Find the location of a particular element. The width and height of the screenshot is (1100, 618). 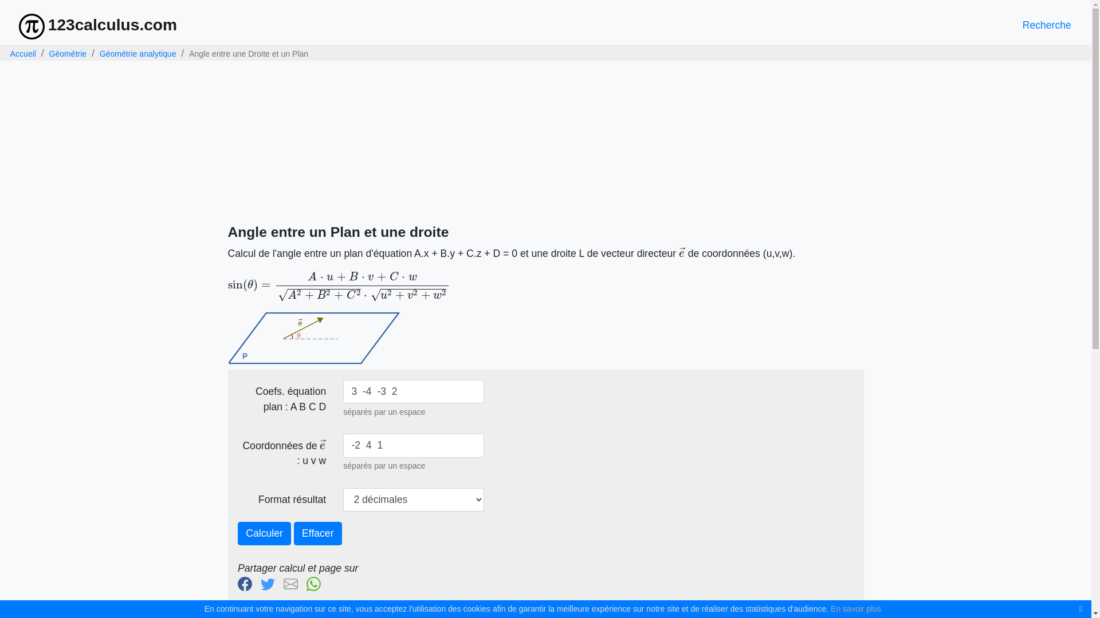

'123calculus.com' is located at coordinates (98, 25).